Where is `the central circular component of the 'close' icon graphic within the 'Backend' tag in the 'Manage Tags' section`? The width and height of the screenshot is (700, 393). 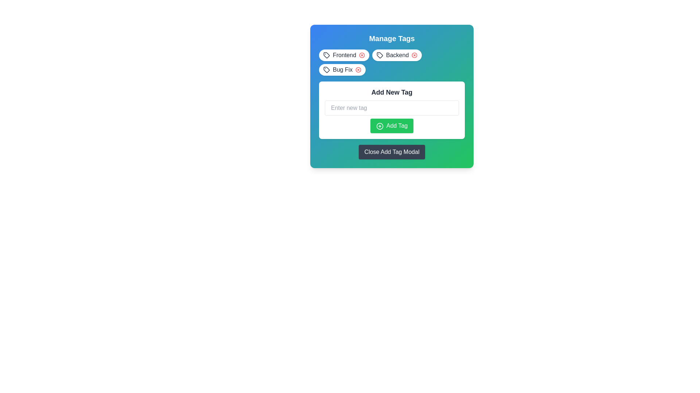 the central circular component of the 'close' icon graphic within the 'Backend' tag in the 'Manage Tags' section is located at coordinates (415, 55).